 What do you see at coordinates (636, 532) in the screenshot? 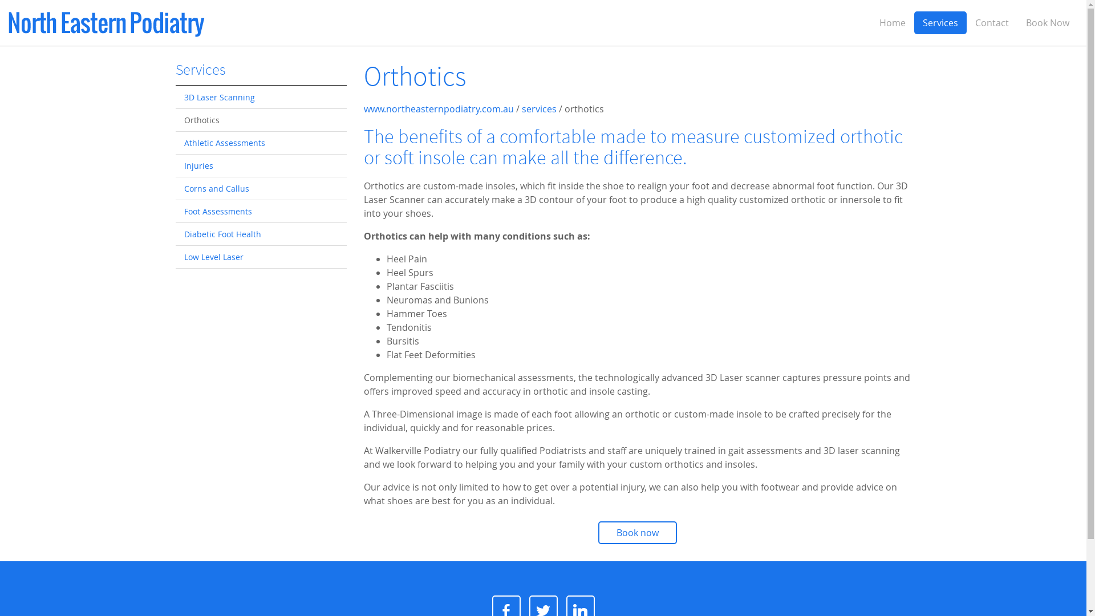
I see `'Book now'` at bounding box center [636, 532].